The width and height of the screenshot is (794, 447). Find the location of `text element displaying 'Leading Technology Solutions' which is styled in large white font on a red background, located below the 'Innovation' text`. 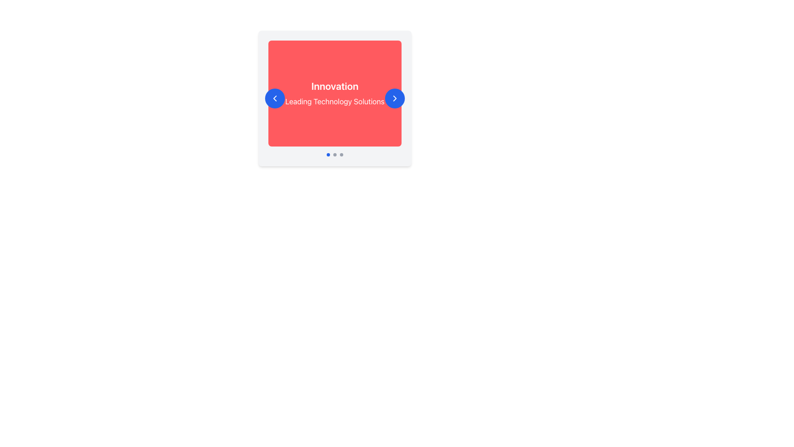

text element displaying 'Leading Technology Solutions' which is styled in large white font on a red background, located below the 'Innovation' text is located at coordinates (335, 101).